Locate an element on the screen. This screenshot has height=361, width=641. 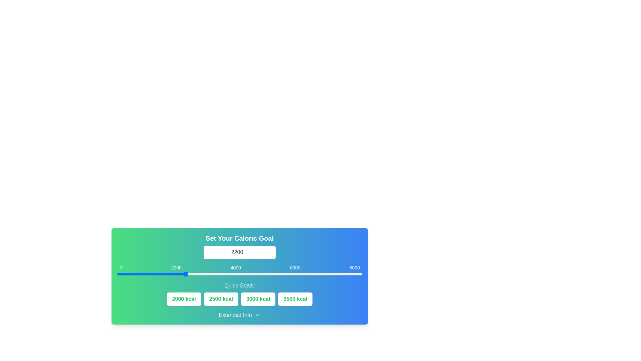
caloric goal is located at coordinates (122, 274).